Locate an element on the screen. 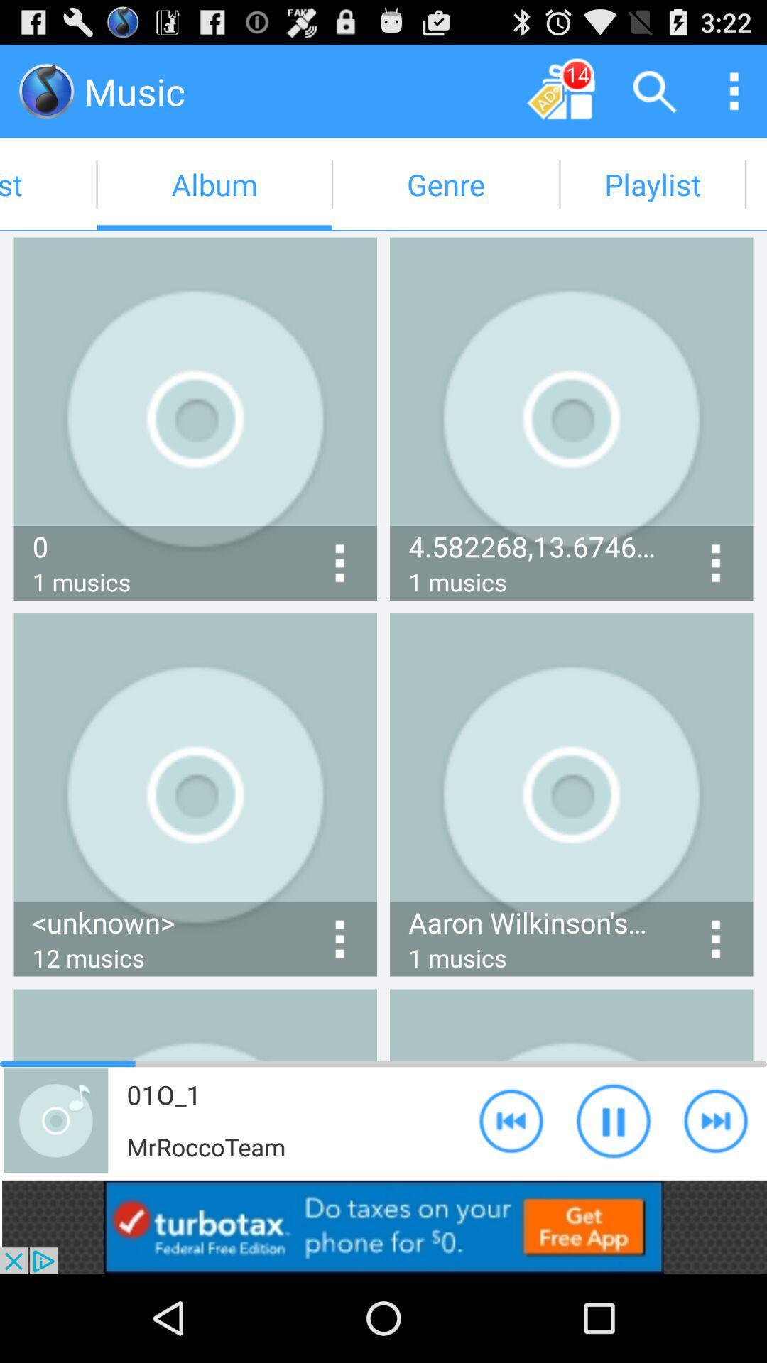 The height and width of the screenshot is (1363, 767). go back is located at coordinates (511, 1120).